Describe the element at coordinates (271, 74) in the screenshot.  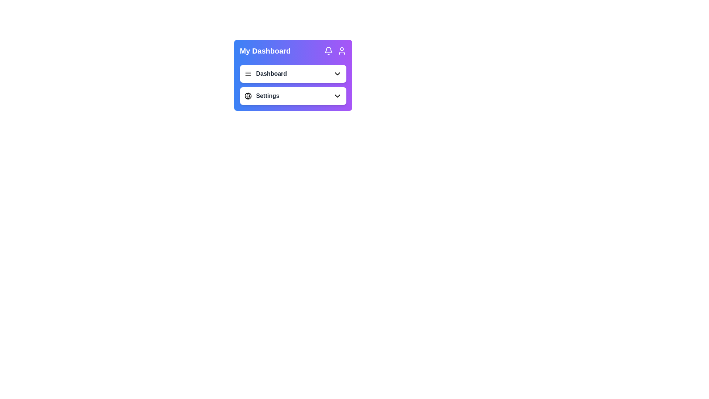
I see `the 'Dashboard' label in bold, dark gray font located in the top-left section of a card UI, adjacent to a menu icon and a dropdown arrow icon` at that location.